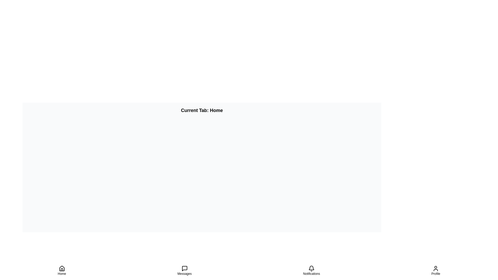 The image size is (498, 280). Describe the element at coordinates (184, 268) in the screenshot. I see `the 'Messages' icon located in the bottom navigation bar, which is the second item from the left` at that location.